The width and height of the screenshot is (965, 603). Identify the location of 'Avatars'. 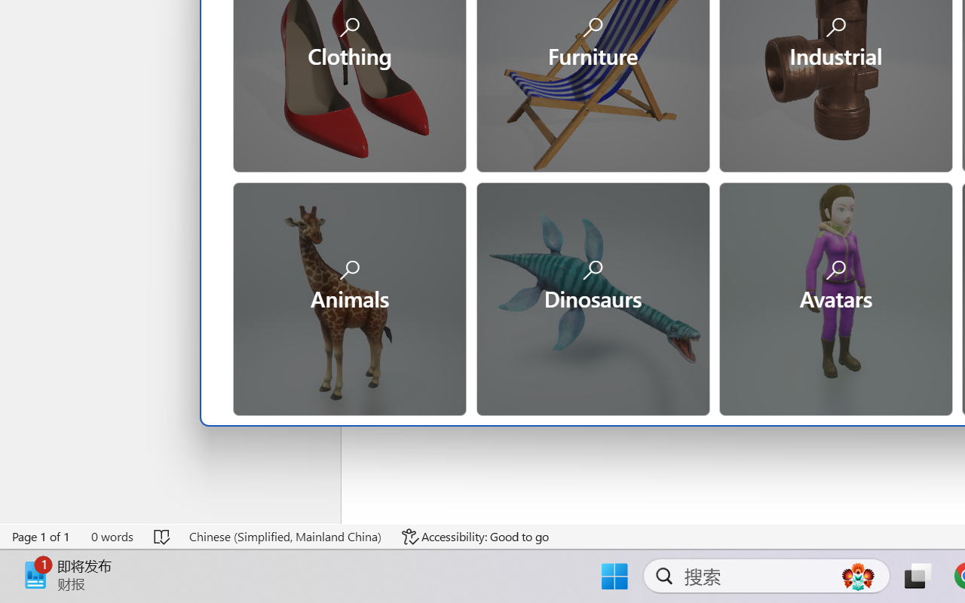
(834, 296).